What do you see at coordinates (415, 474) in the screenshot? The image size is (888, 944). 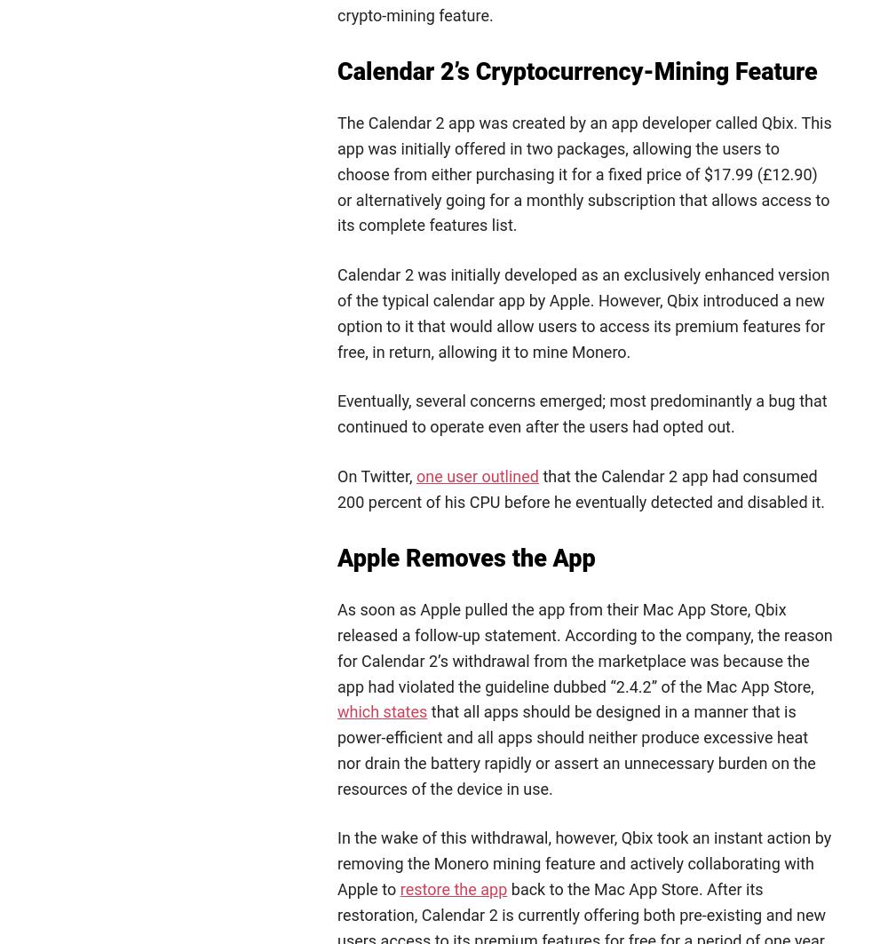 I see `'one user outlined'` at bounding box center [415, 474].